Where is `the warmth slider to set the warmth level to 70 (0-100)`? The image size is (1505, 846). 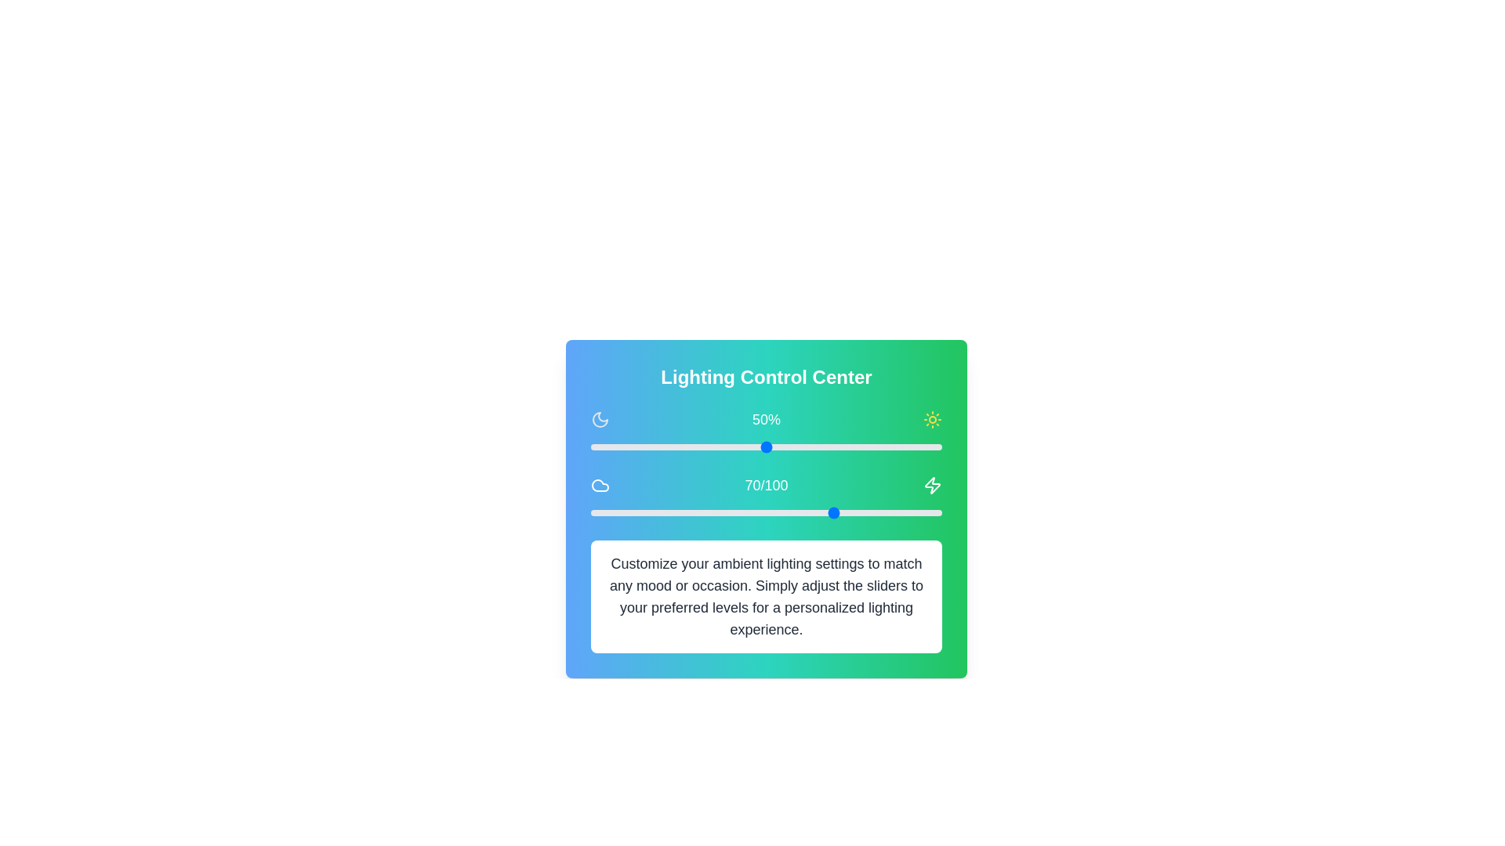 the warmth slider to set the warmth level to 70 (0-100) is located at coordinates (836, 513).